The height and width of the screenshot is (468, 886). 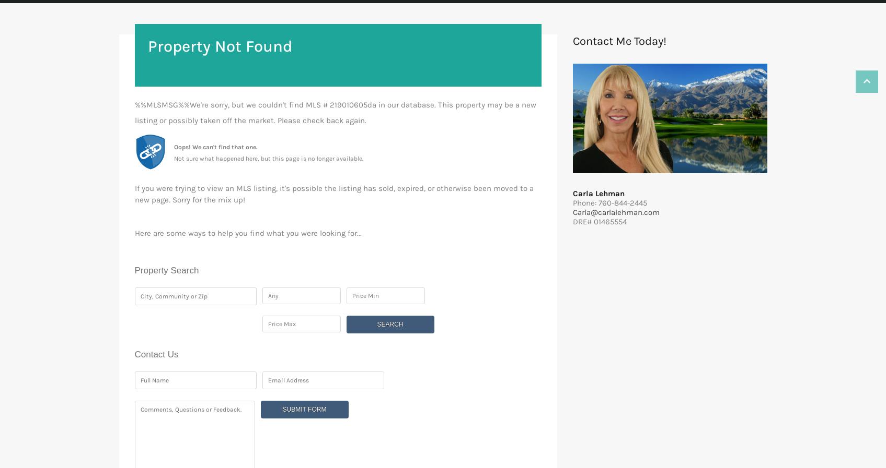 I want to click on 'Carla@carlalehman.com', so click(x=616, y=211).